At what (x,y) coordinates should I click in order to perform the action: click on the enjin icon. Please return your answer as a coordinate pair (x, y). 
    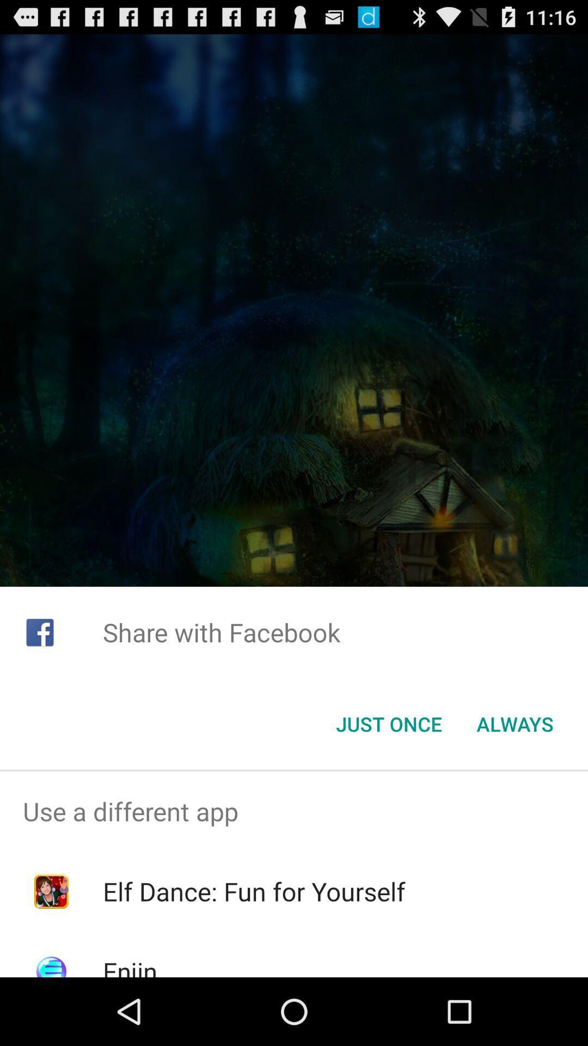
    Looking at the image, I should click on (129, 965).